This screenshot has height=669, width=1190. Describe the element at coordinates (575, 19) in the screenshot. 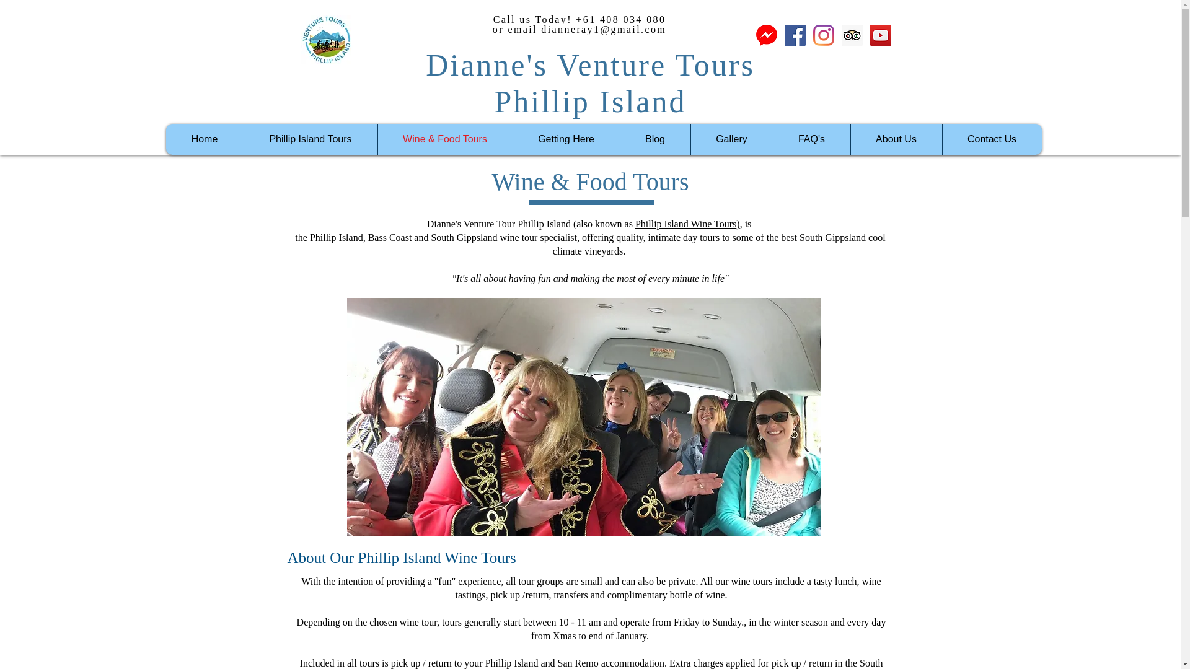

I see `'+61 408 034 080'` at that location.